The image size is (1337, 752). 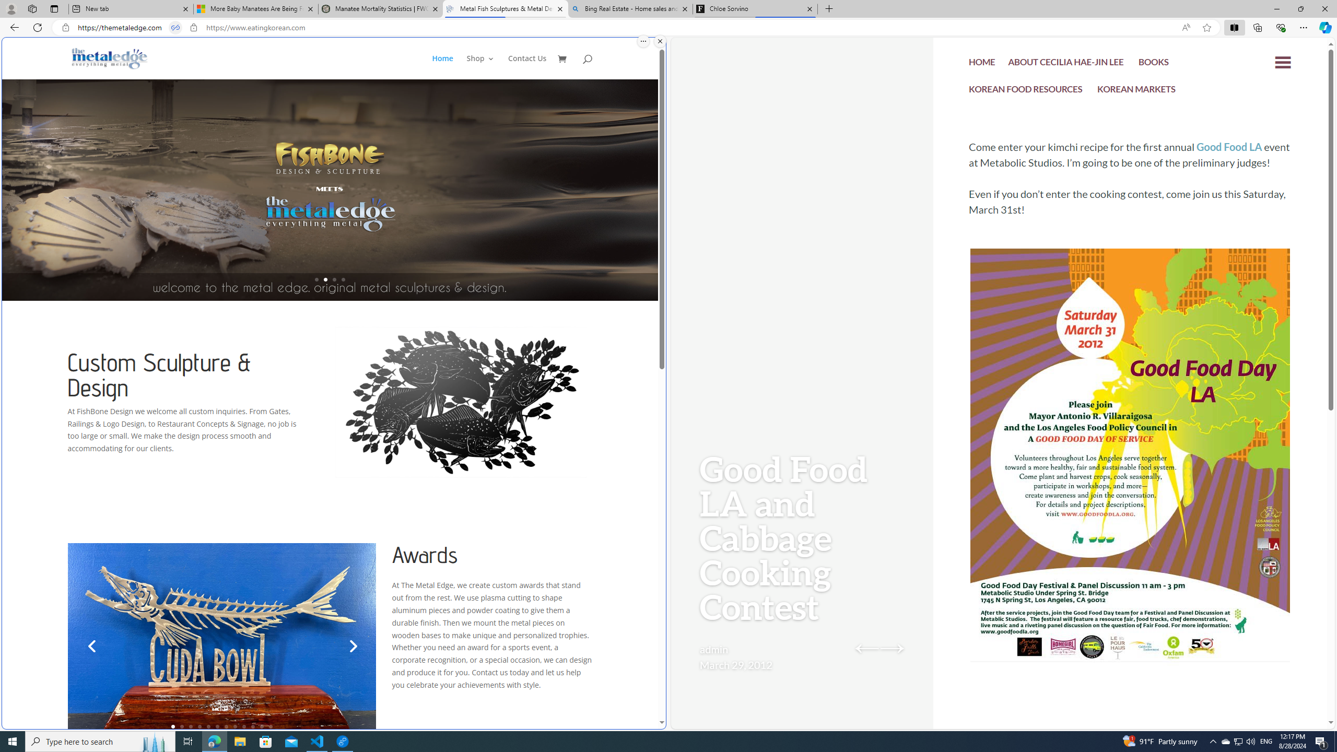 I want to click on 'HOME', so click(x=982, y=63).